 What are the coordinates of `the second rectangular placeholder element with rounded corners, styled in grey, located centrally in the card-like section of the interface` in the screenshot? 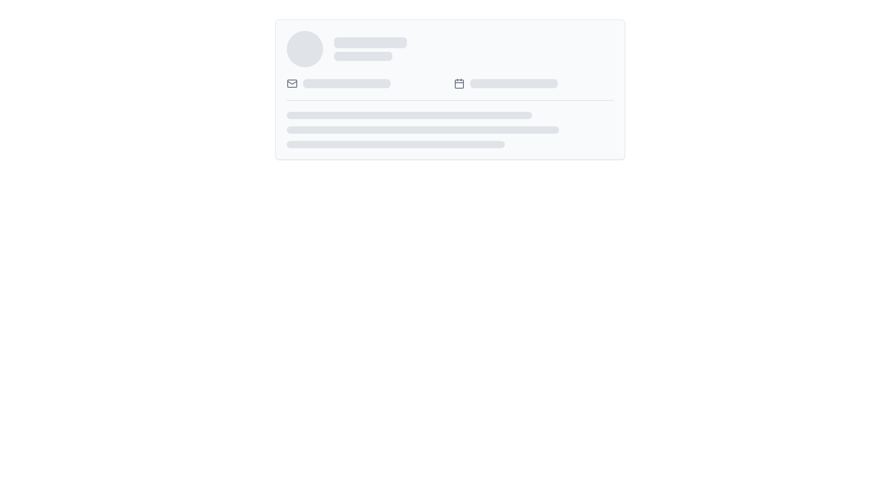 It's located at (362, 56).